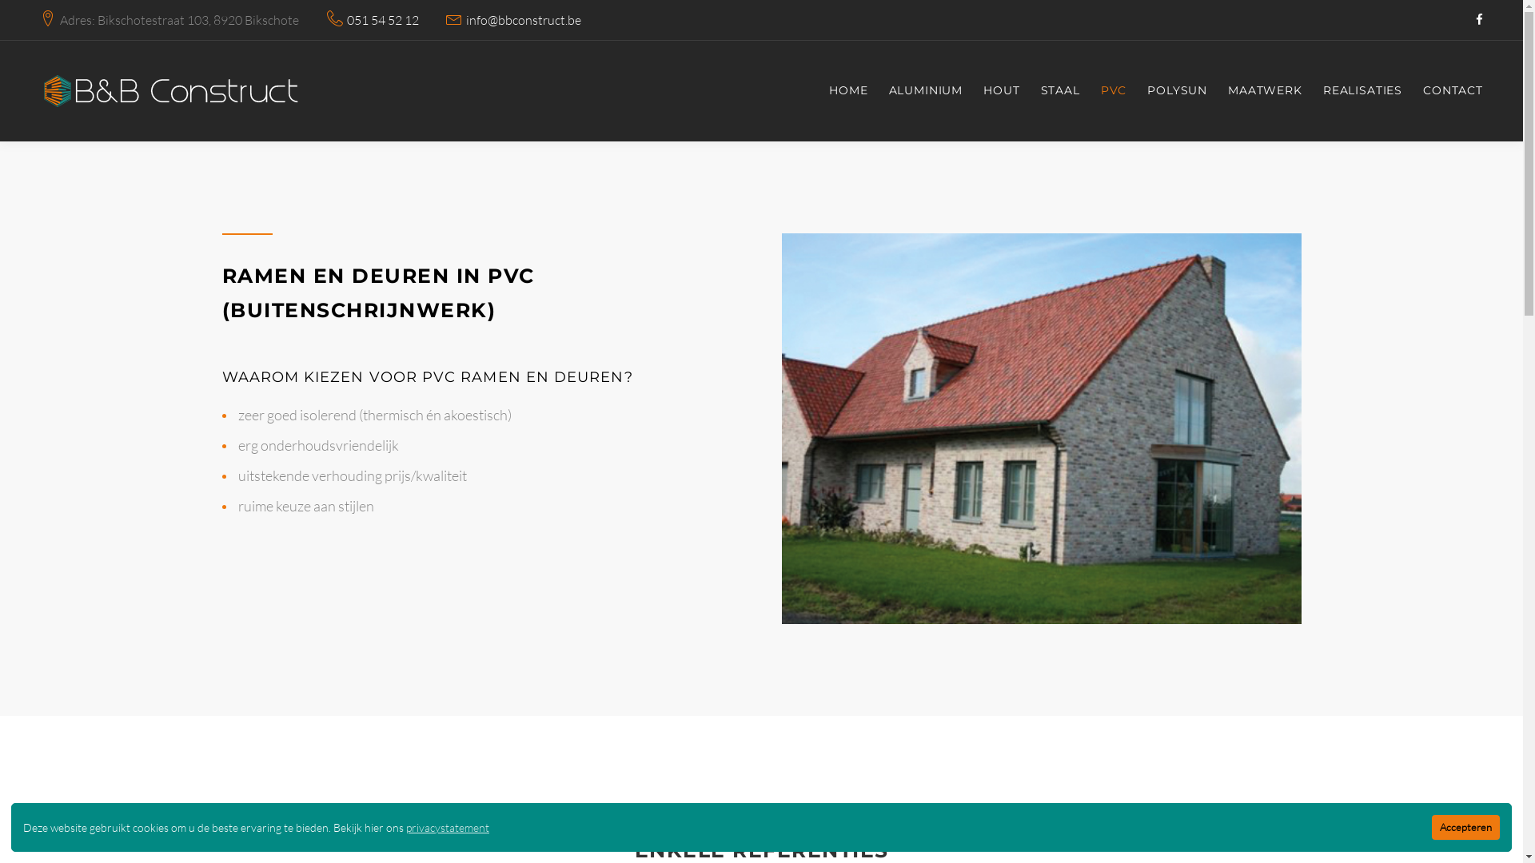 This screenshot has height=863, width=1535. What do you see at coordinates (1100, 91) in the screenshot?
I see `'PVC'` at bounding box center [1100, 91].